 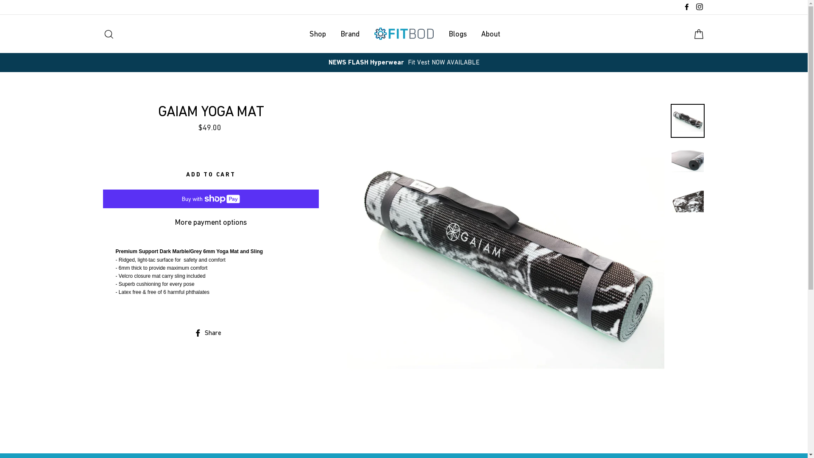 What do you see at coordinates (457, 34) in the screenshot?
I see `'Blogs'` at bounding box center [457, 34].